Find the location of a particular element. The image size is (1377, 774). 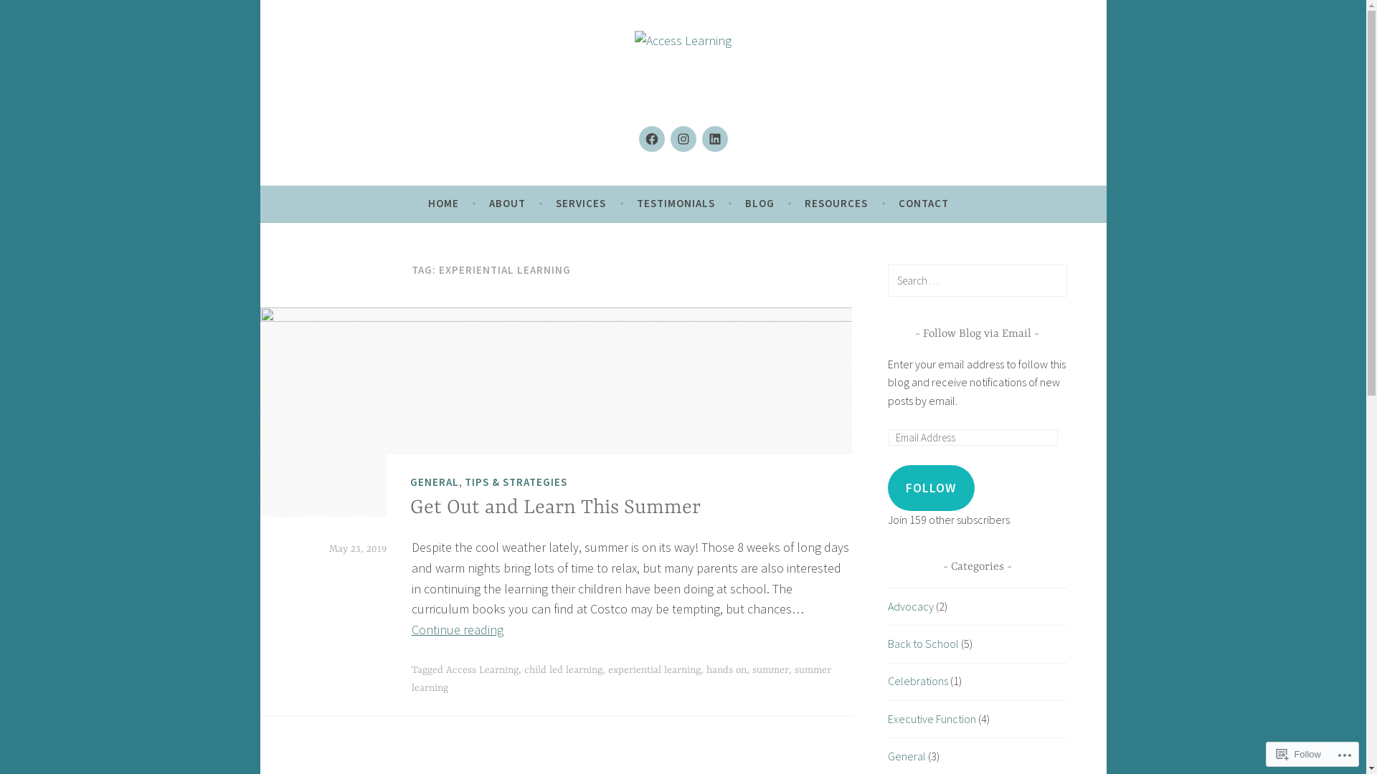

'Executive Function' is located at coordinates (932, 718).